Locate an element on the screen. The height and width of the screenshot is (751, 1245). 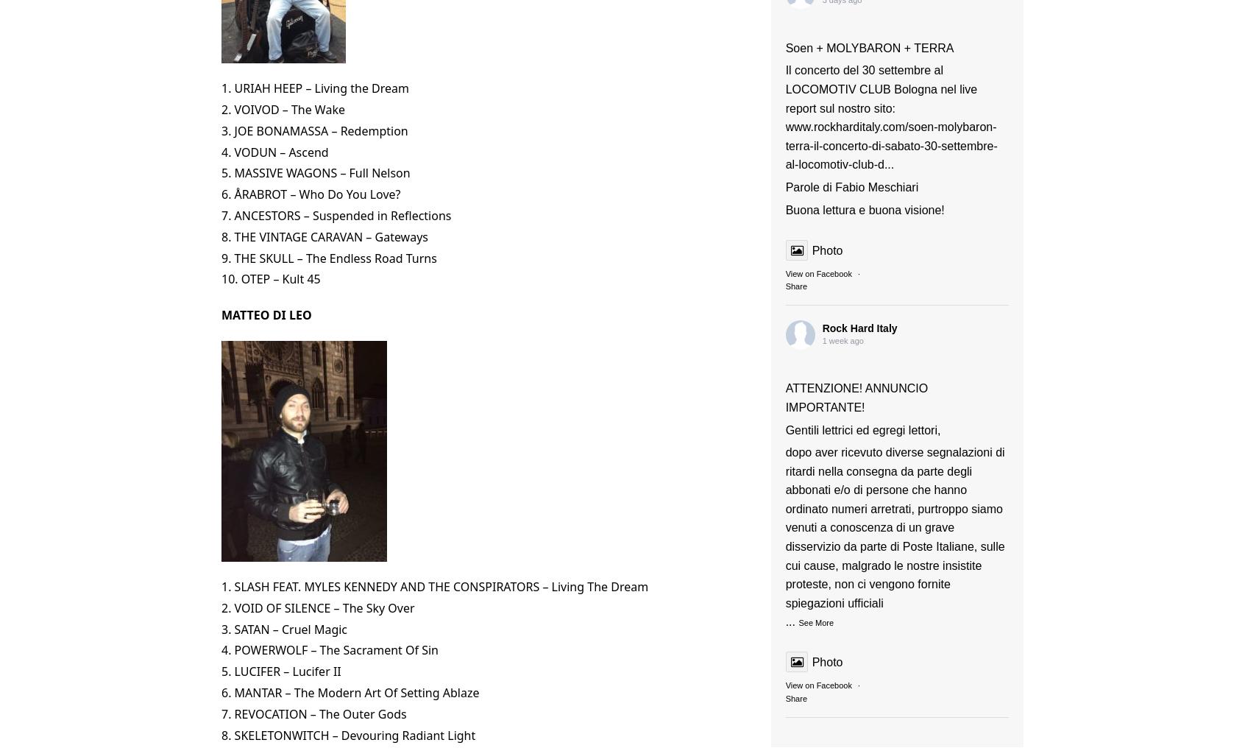
'5. MASSIVE WAGONS – Full Nelson' is located at coordinates (314, 173).